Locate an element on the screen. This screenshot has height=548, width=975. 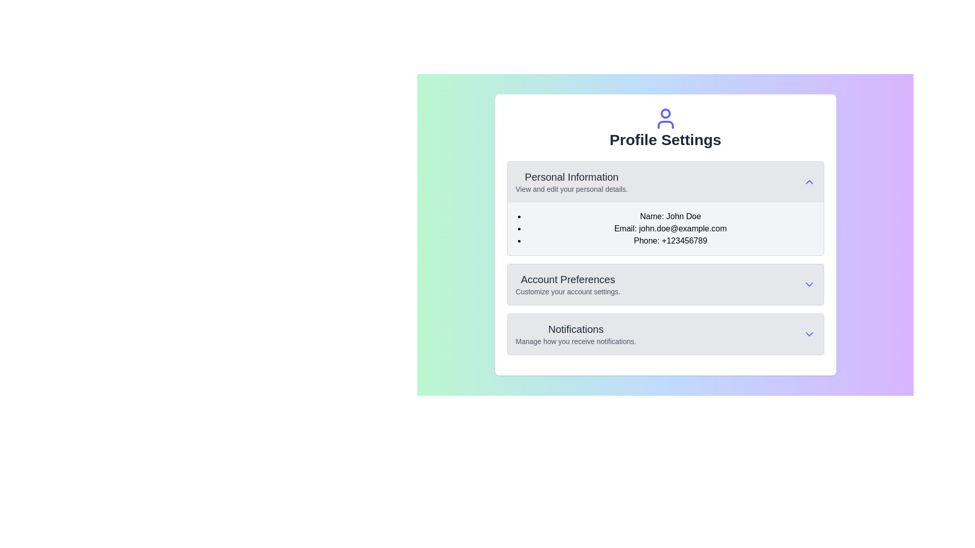
the Textual Content with Heading and Description that provides an overview of the 'Personal Information' section, located near the top of the interface is located at coordinates (571, 181).